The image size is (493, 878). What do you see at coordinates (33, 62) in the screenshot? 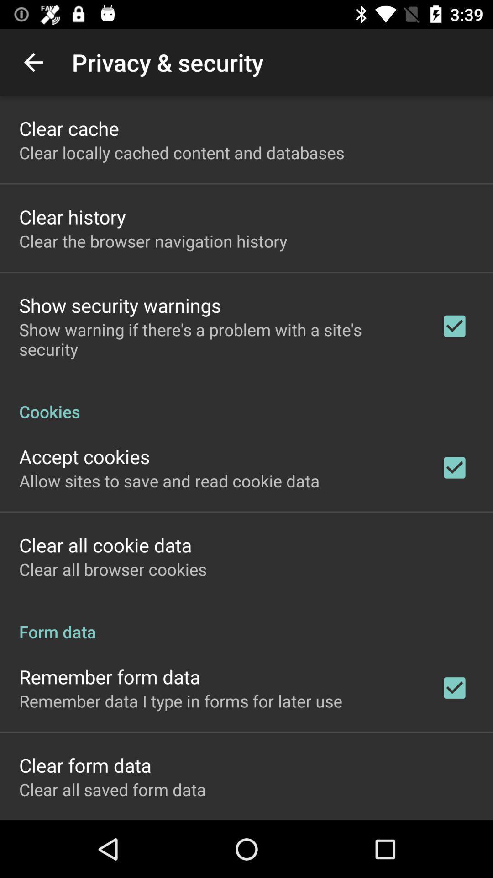
I see `icon above clear cache app` at bounding box center [33, 62].